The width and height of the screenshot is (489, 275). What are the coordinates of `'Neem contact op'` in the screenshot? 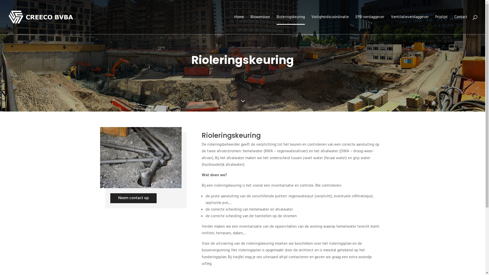 It's located at (133, 198).